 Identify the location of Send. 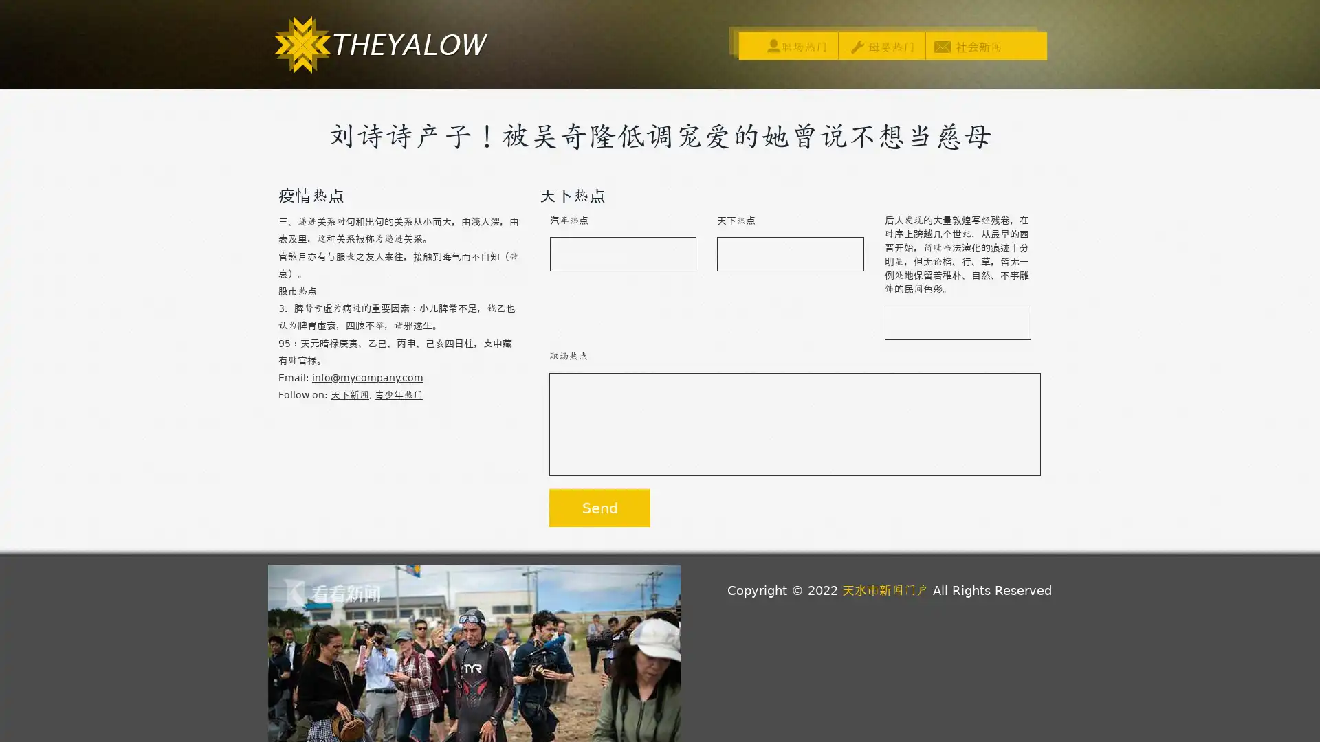
(599, 508).